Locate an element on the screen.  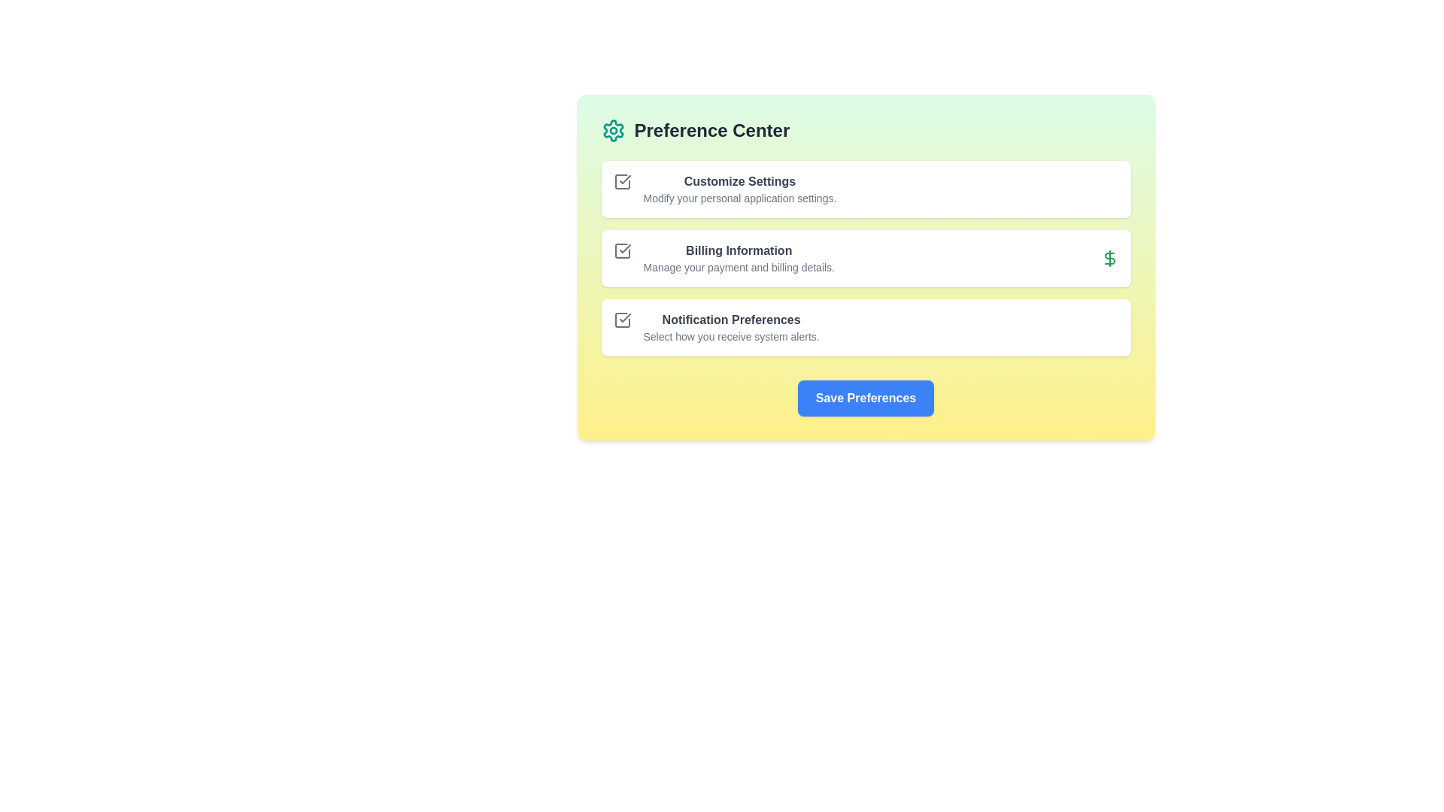
the 'Notification Preferences' text label, which is a prominent bold grayish title in the Preference Center interface, located between 'Billing Information' and 'Save Preferences' is located at coordinates (731, 319).